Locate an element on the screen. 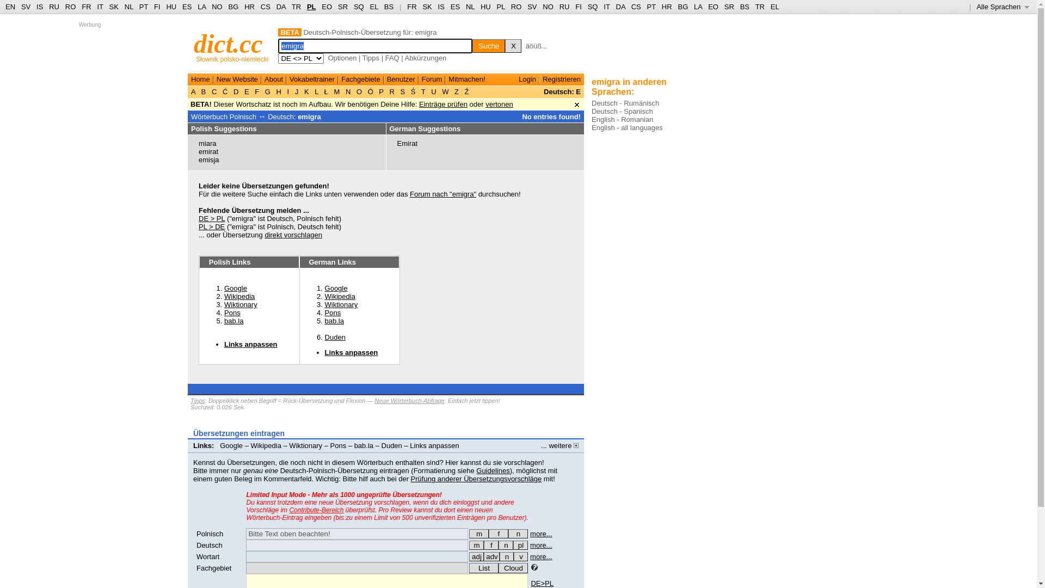 The image size is (1045, 588). 'Tipps' is located at coordinates (371, 58).